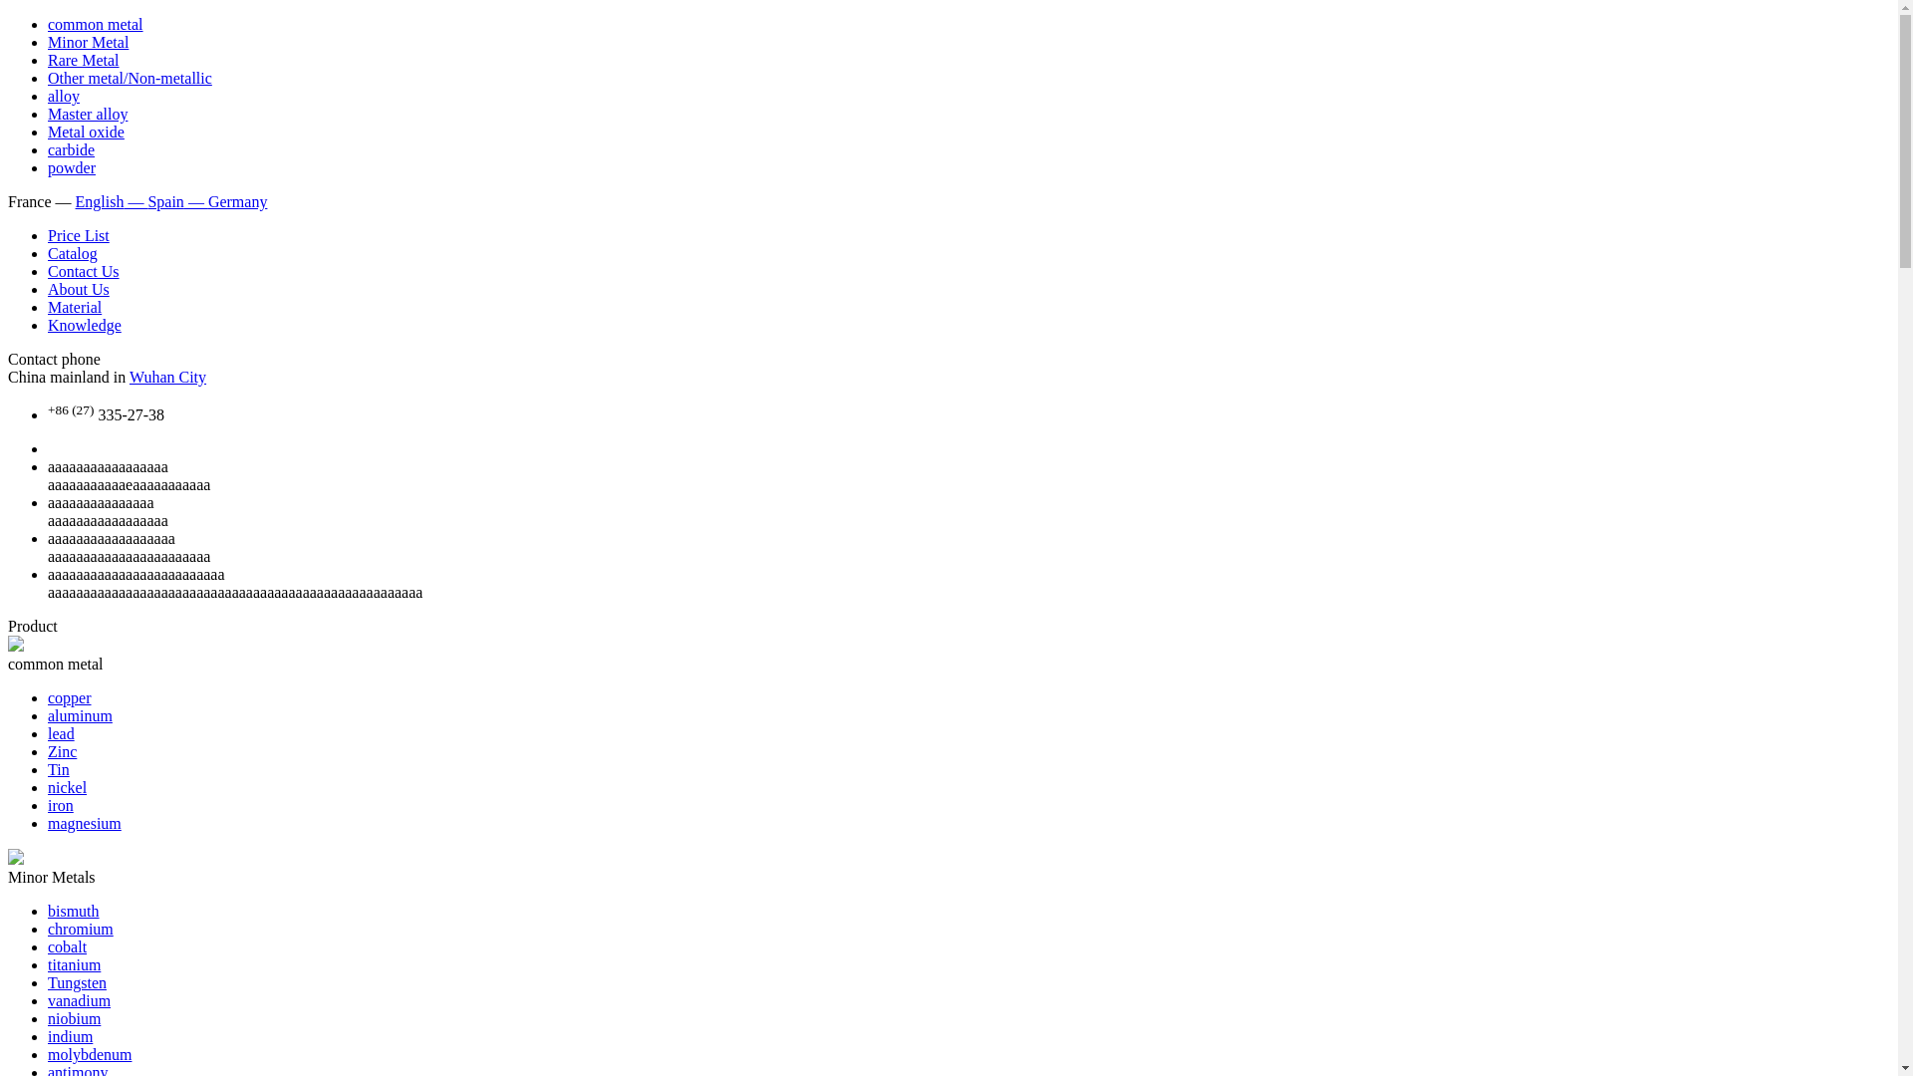 The image size is (1913, 1076). What do you see at coordinates (95, 24) in the screenshot?
I see `'common metal'` at bounding box center [95, 24].